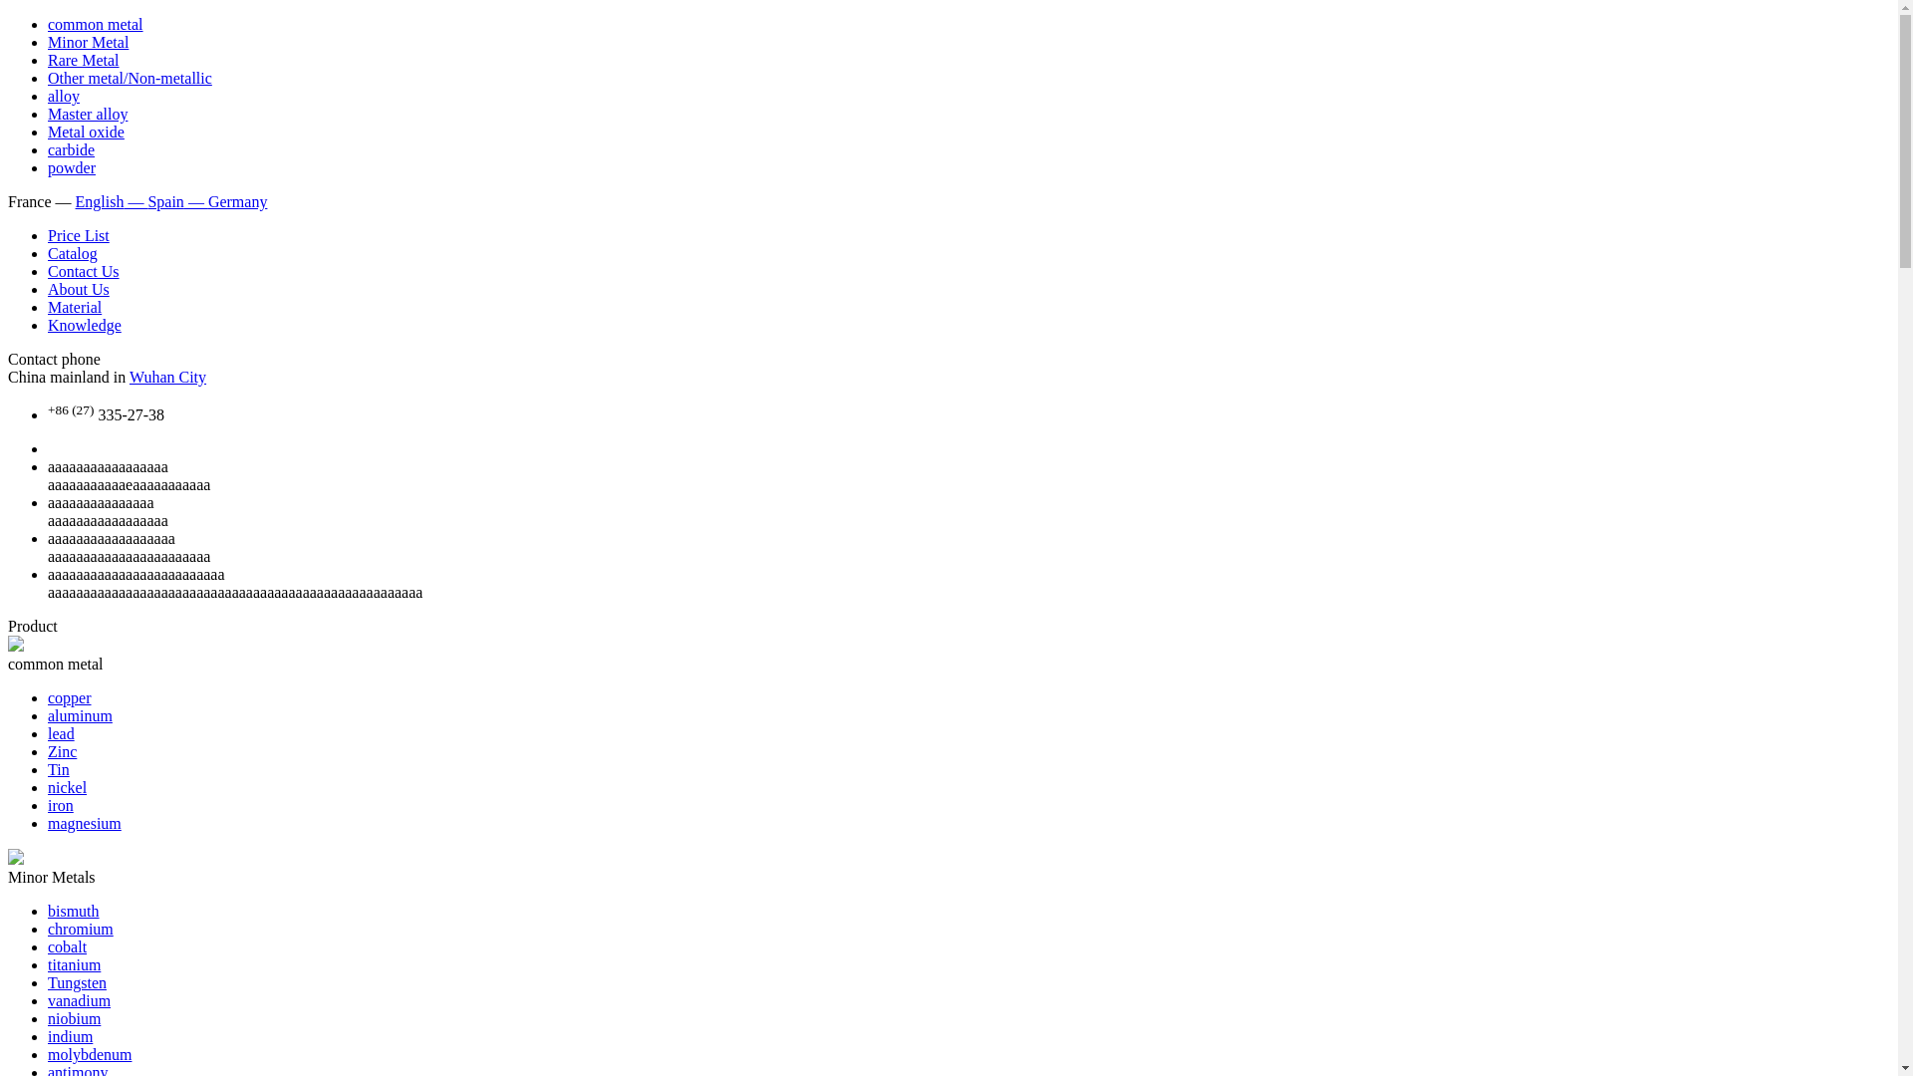 The image size is (1913, 1076). What do you see at coordinates (95, 24) in the screenshot?
I see `'common metal'` at bounding box center [95, 24].